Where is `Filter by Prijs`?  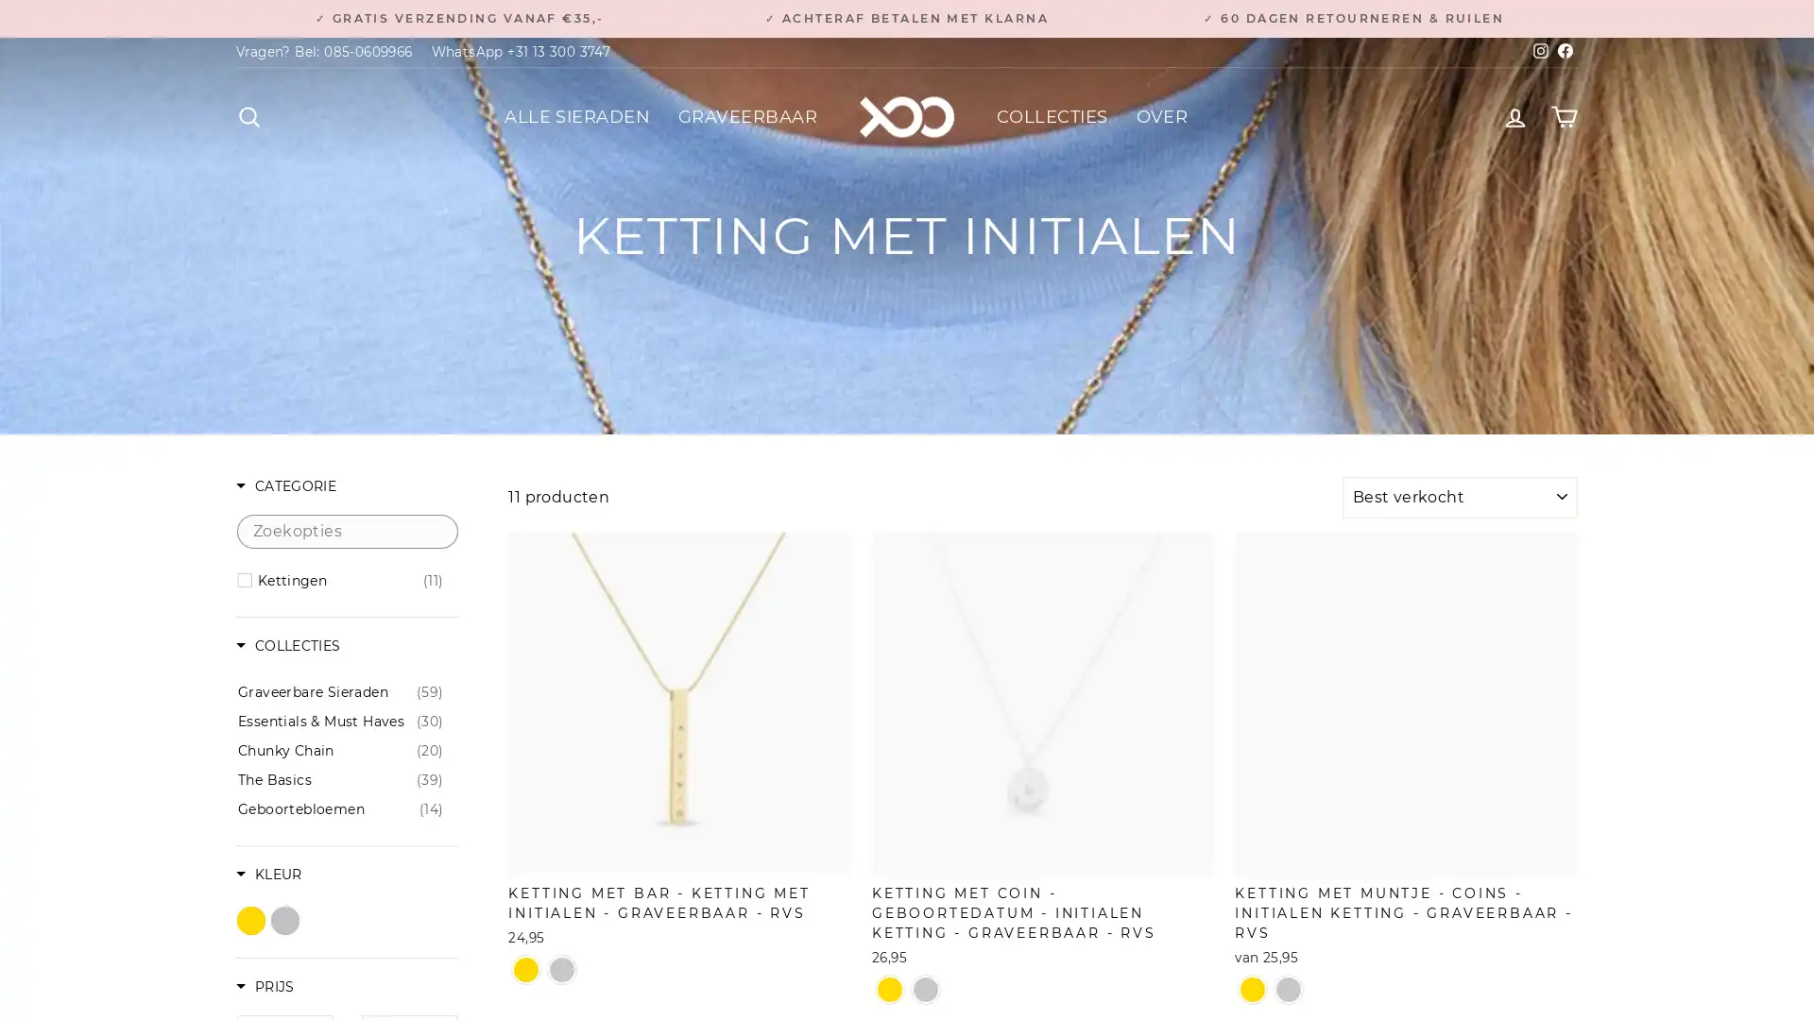
Filter by Prijs is located at coordinates (264, 987).